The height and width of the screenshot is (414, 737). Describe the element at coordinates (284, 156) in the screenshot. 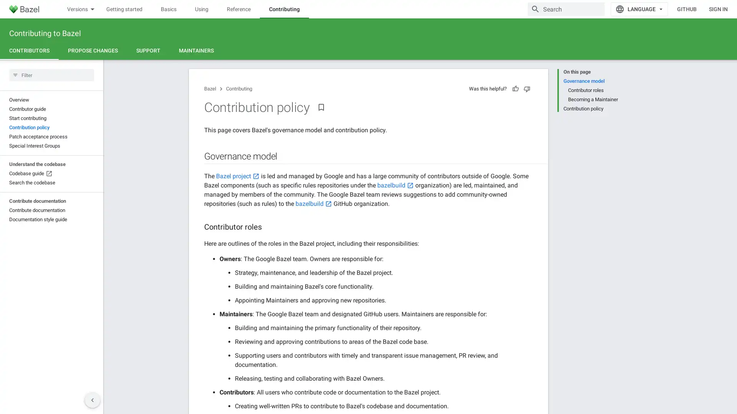

I see `Copy link to this section: Governance model` at that location.